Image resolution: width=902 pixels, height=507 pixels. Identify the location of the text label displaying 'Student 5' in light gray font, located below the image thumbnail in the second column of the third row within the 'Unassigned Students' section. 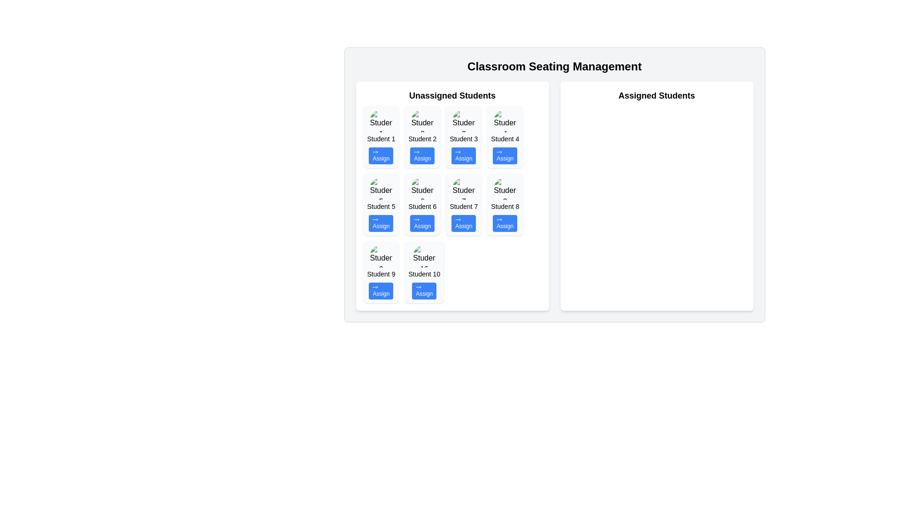
(381, 206).